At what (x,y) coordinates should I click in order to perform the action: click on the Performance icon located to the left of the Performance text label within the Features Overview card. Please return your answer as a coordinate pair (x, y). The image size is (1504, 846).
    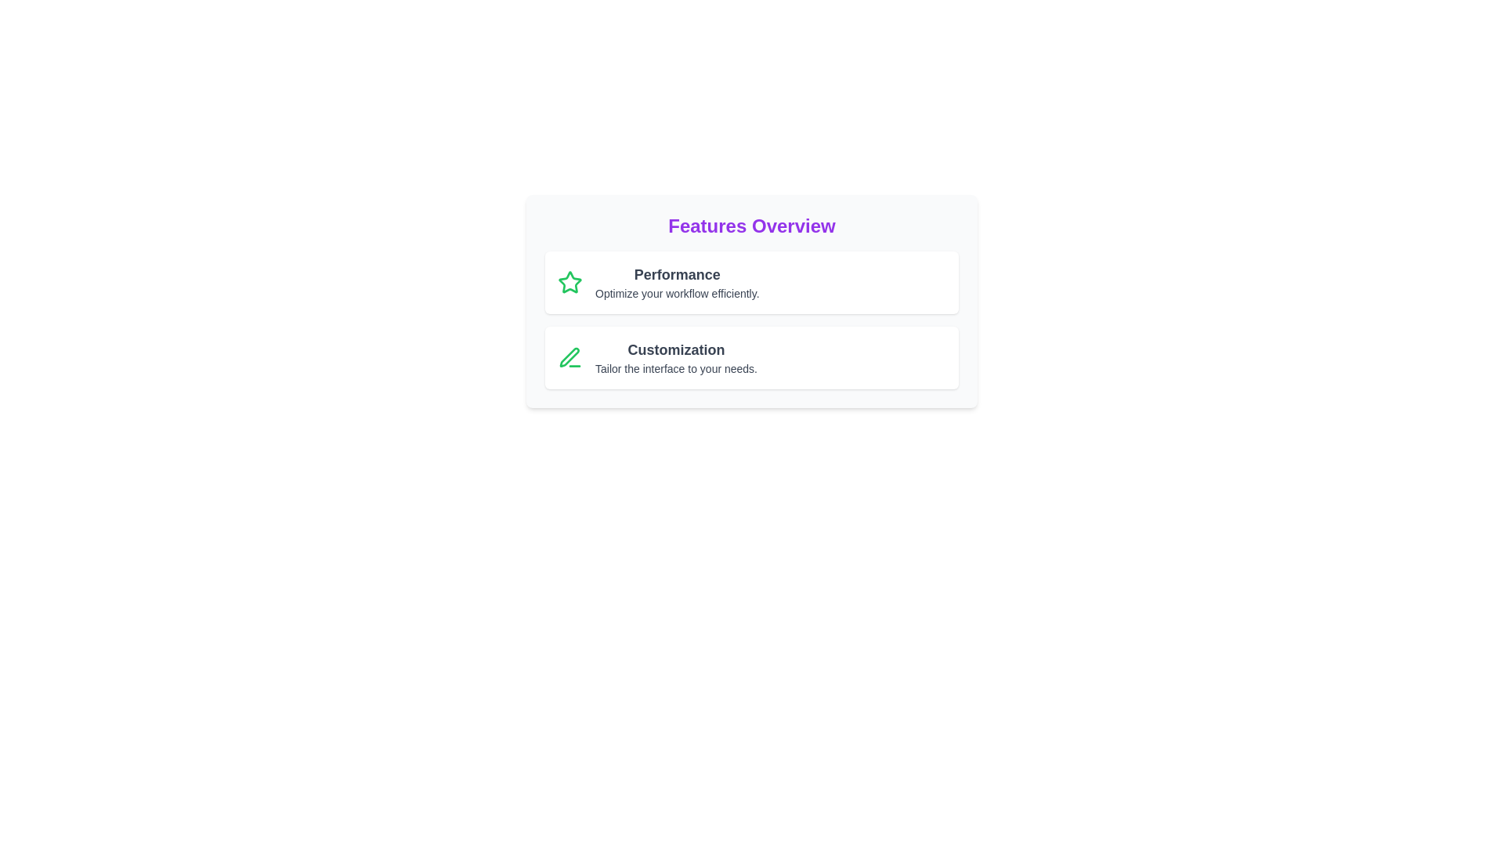
    Looking at the image, I should click on (569, 282).